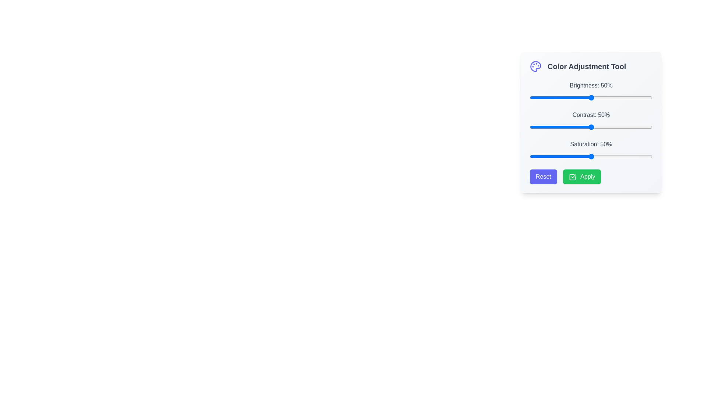 This screenshot has width=707, height=397. What do you see at coordinates (611, 156) in the screenshot?
I see `saturation` at bounding box center [611, 156].